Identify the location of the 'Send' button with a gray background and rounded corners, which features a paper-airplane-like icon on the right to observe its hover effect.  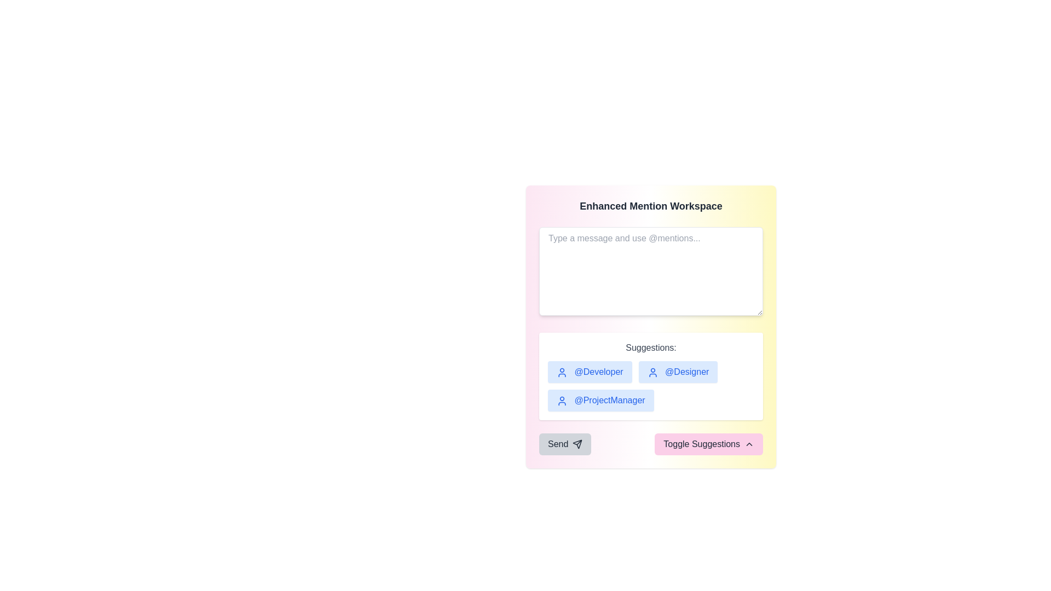
(565, 444).